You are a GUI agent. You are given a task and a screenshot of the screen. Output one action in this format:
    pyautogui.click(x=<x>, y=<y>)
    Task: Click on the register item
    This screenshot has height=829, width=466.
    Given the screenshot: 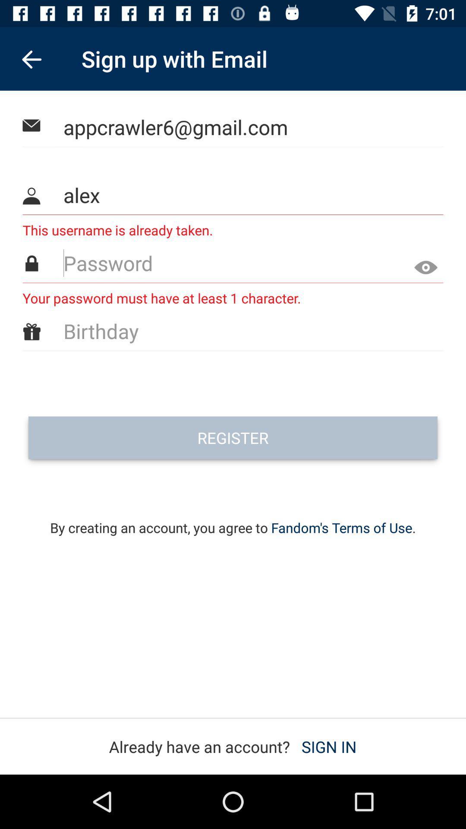 What is the action you would take?
    pyautogui.click(x=233, y=437)
    